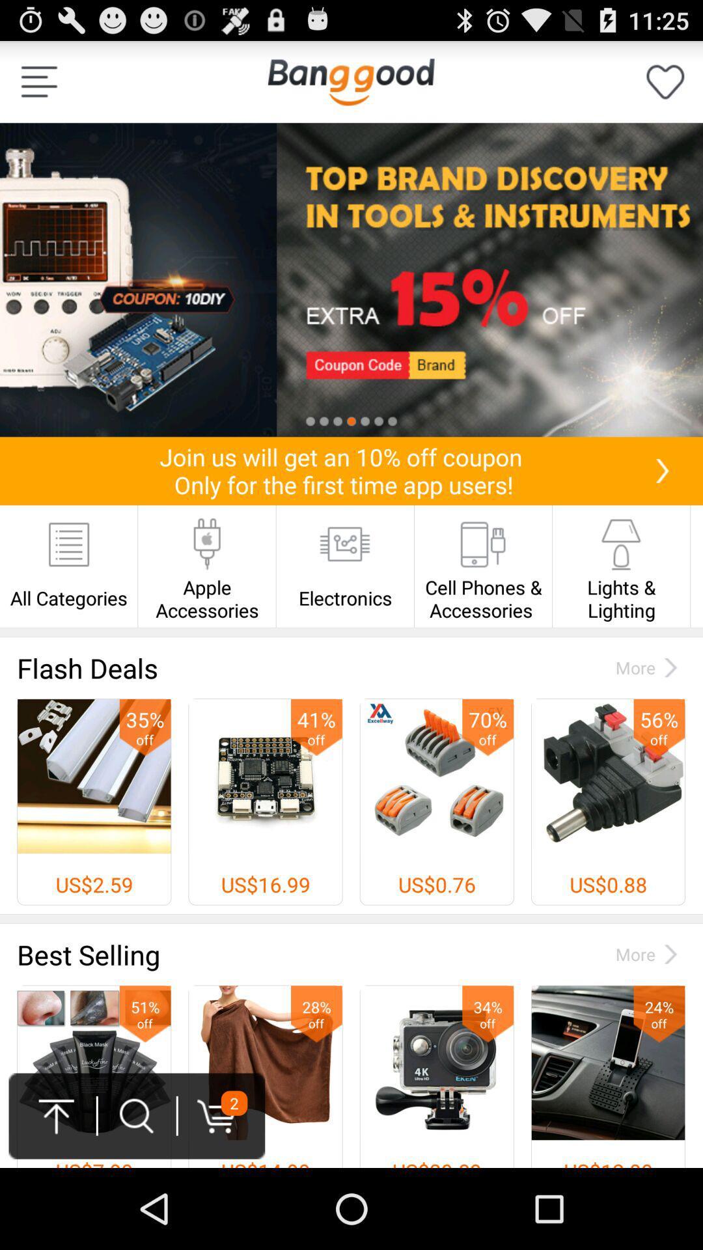 The width and height of the screenshot is (703, 1250). What do you see at coordinates (38, 81) in the screenshot?
I see `more option button` at bounding box center [38, 81].